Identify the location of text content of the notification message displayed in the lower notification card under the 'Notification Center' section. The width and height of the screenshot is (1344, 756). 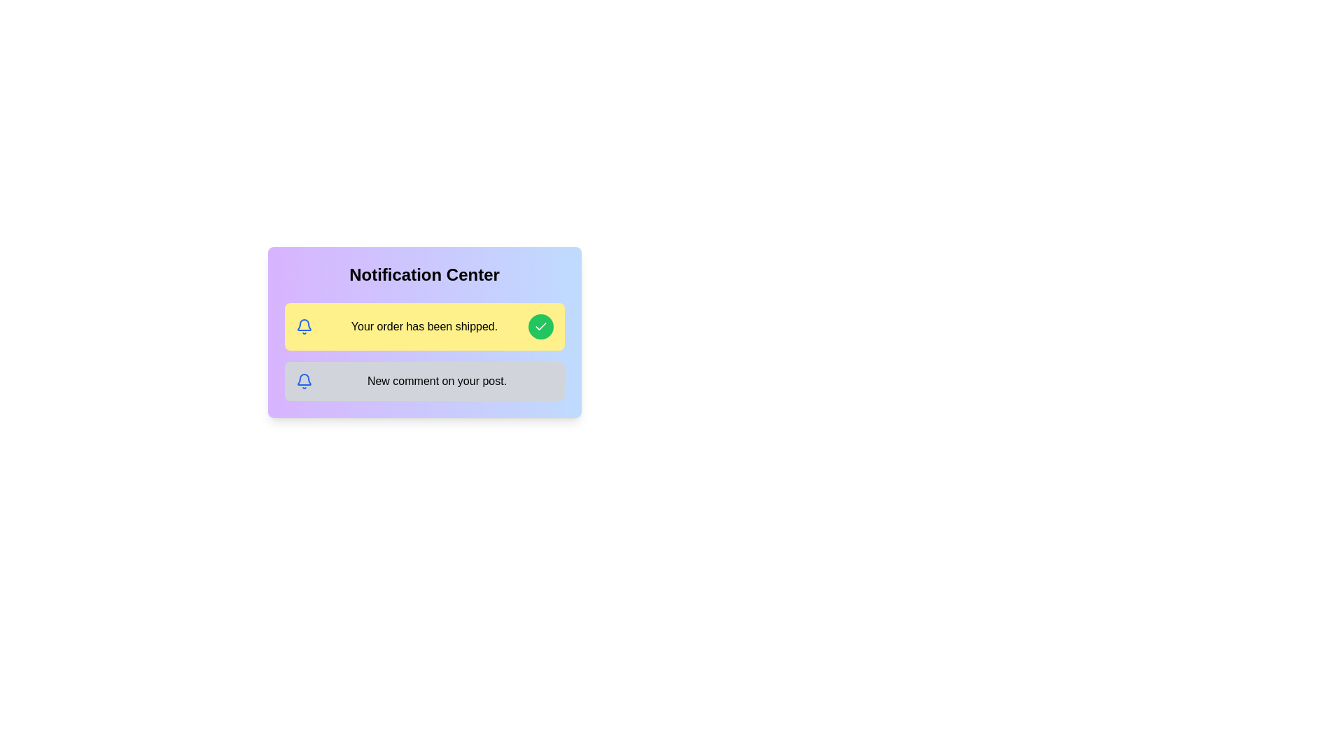
(436, 381).